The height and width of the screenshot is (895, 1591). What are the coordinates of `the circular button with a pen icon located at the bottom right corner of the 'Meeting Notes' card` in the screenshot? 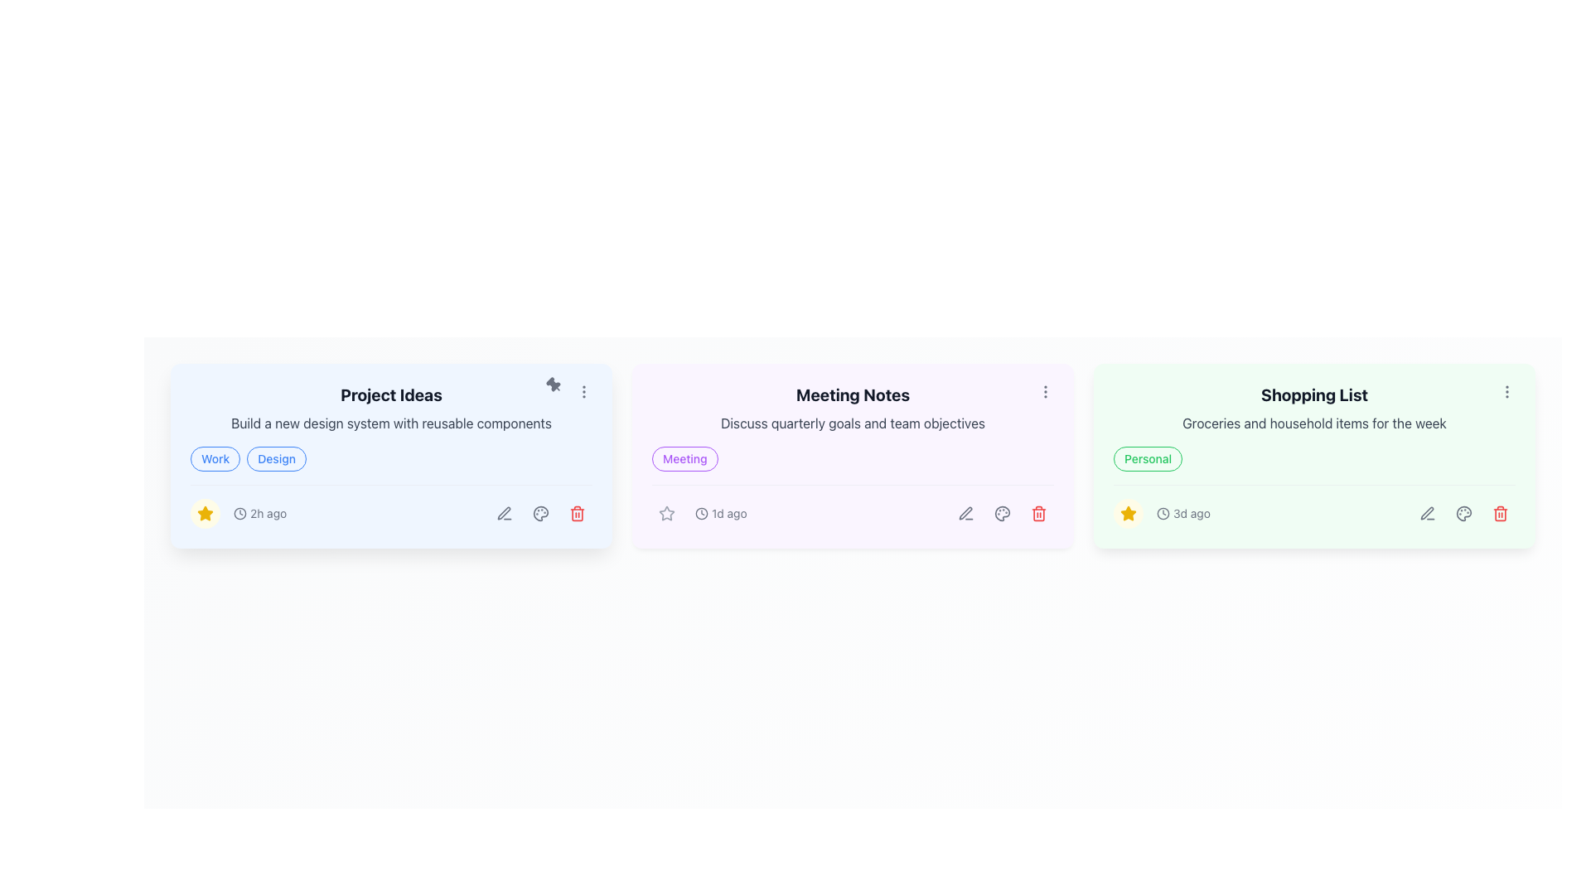 It's located at (966, 513).